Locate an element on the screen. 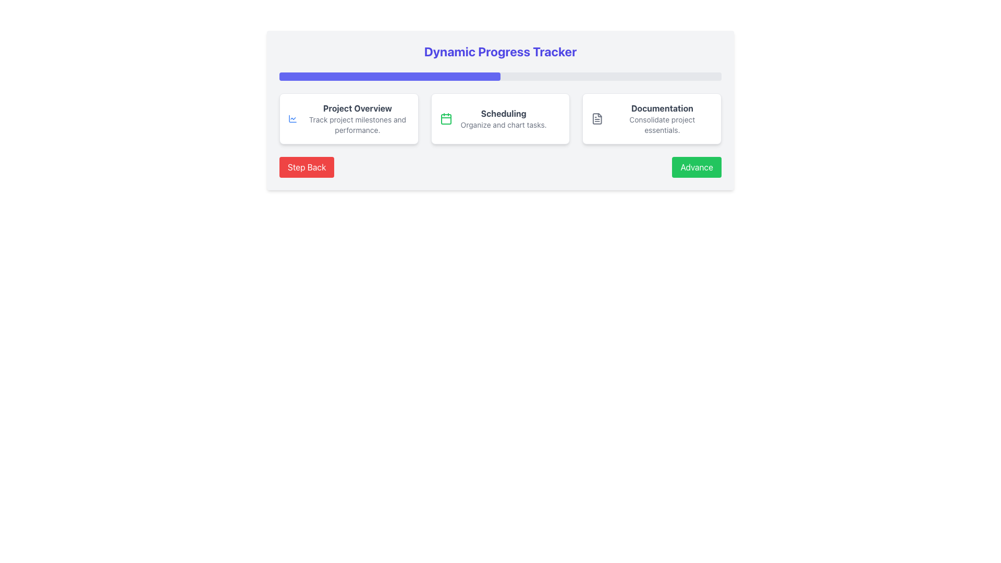  the 'Project Overview' text label, which is styled in bold gray color and located at the top of a card-like section is located at coordinates (358, 108).